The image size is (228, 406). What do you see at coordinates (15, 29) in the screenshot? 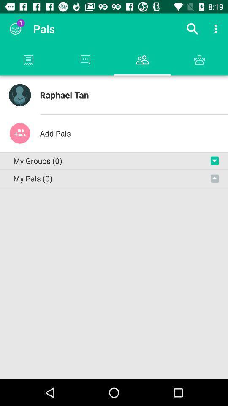
I see `item to the left of pals` at bounding box center [15, 29].